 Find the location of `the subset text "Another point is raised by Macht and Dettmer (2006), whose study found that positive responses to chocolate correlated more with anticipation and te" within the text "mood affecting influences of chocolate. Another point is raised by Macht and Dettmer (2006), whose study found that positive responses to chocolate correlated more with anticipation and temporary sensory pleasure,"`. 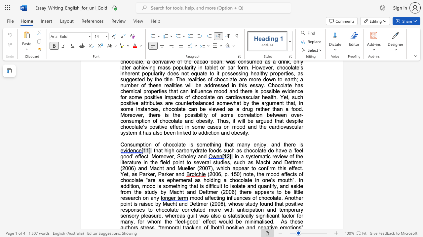

the subset text "Another point is raised by Macht and Dettmer (2006), whose study found that positive responses to chocolate correlated more with anticipation and te" within the text "mood affecting influences of chocolate. Another point is raised by Macht and Dettmer (2006), whose study found that positive responses to chocolate correlated more with anticipation and temporary sensory pleasure," is located at coordinates (285, 197).